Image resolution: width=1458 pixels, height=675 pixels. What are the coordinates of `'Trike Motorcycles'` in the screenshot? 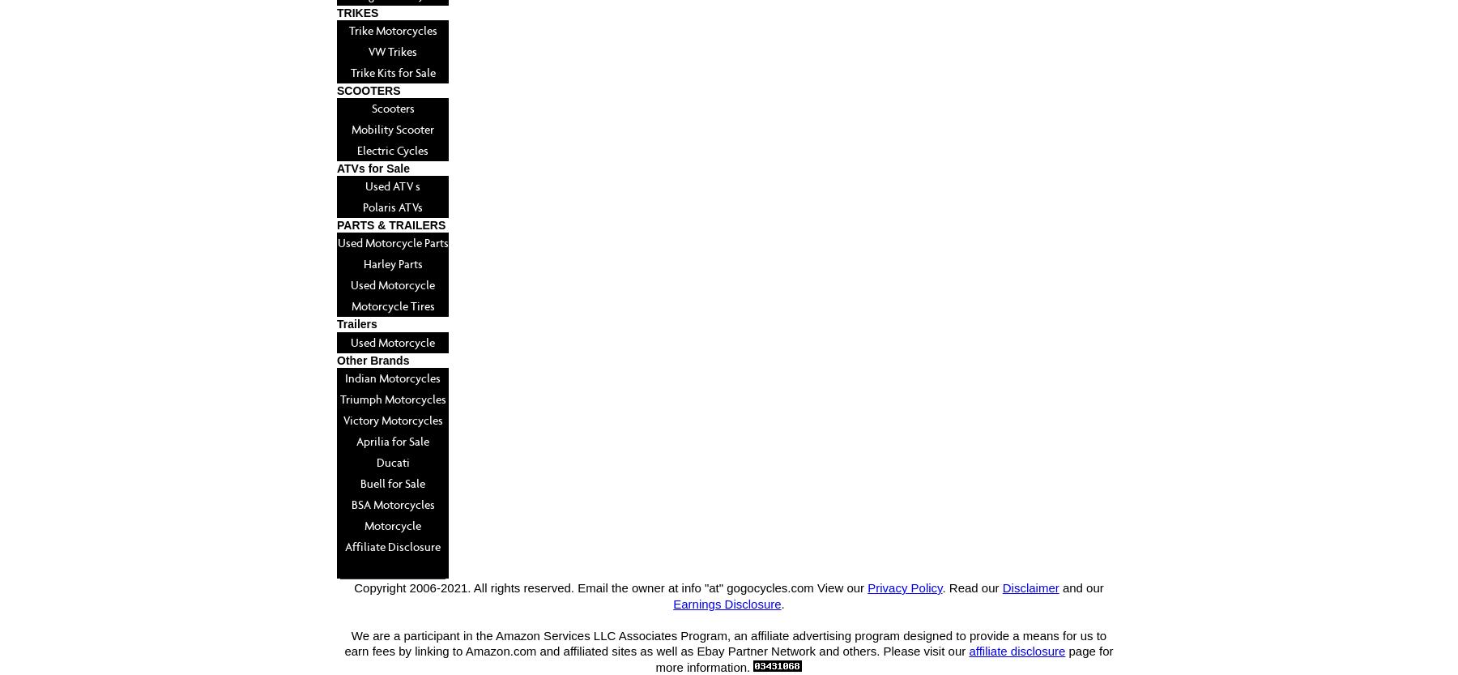 It's located at (391, 29).